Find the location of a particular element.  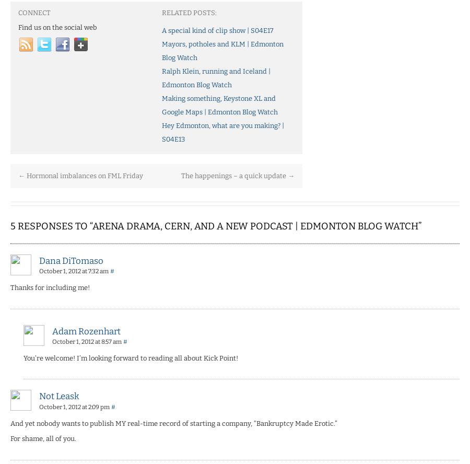

'Related Posts:' is located at coordinates (189, 12).